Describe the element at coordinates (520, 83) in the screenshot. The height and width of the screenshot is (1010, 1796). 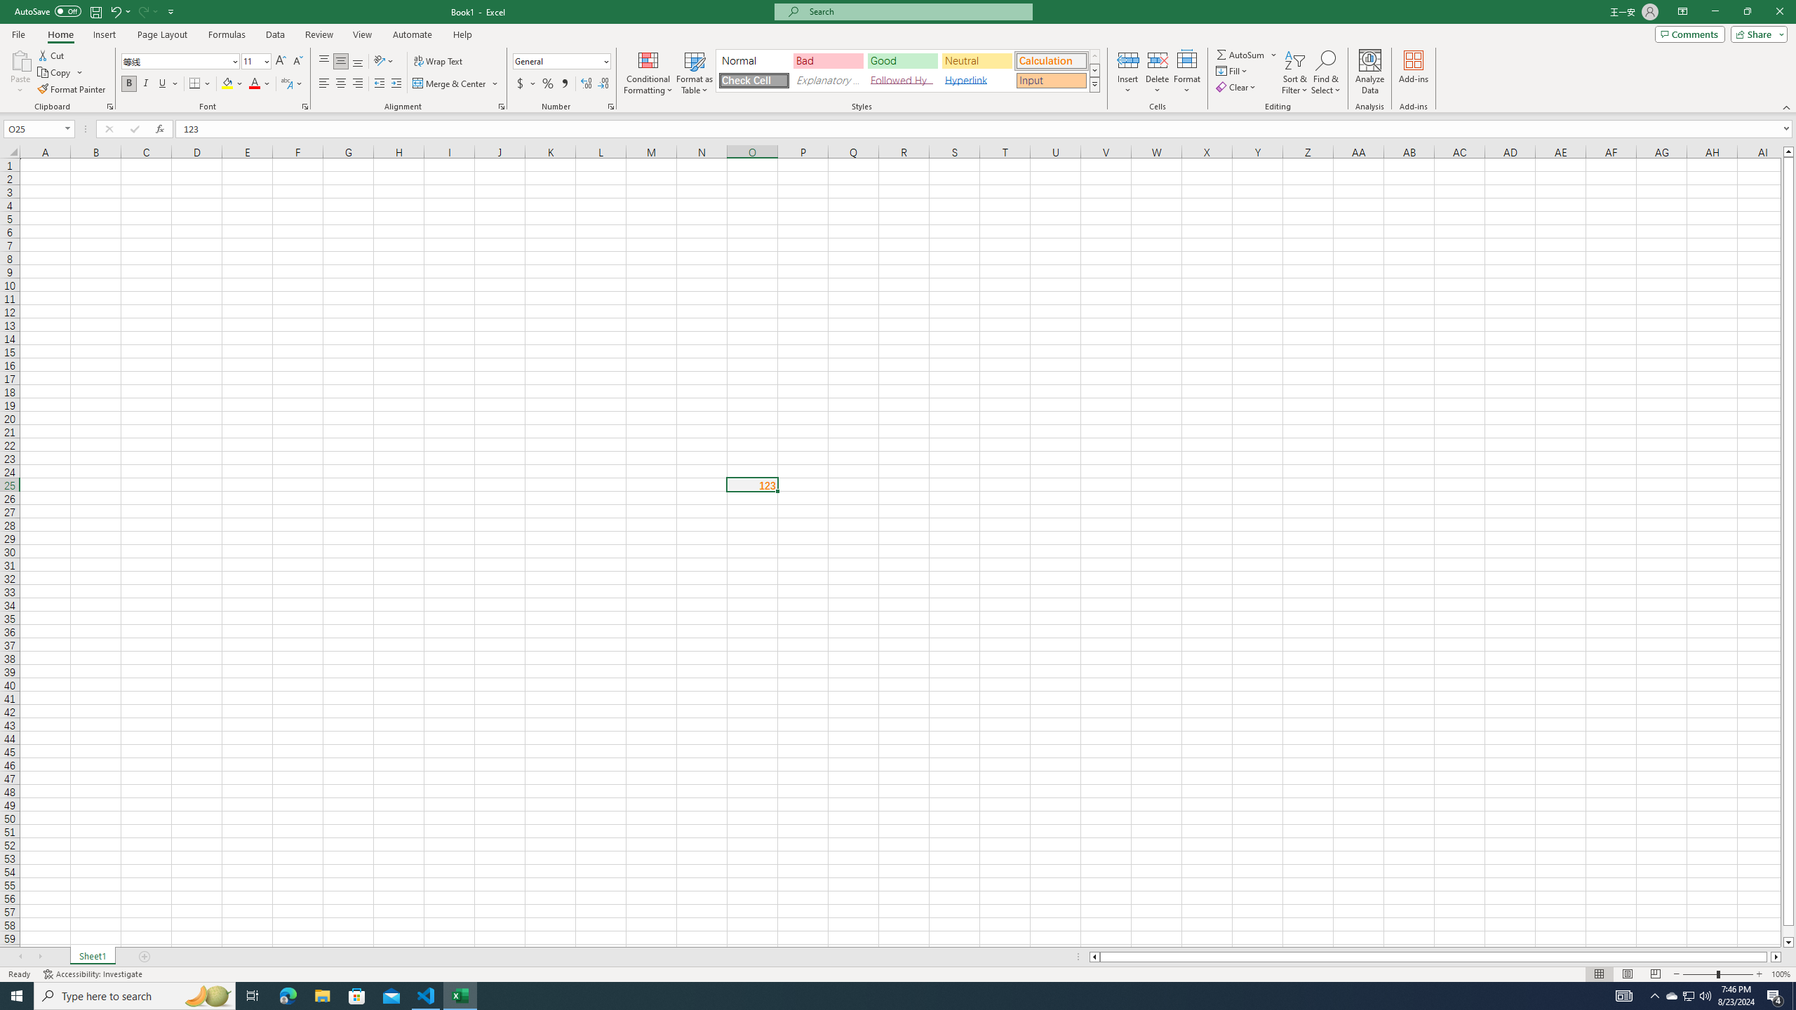
I see `'Accounting Number Format'` at that location.